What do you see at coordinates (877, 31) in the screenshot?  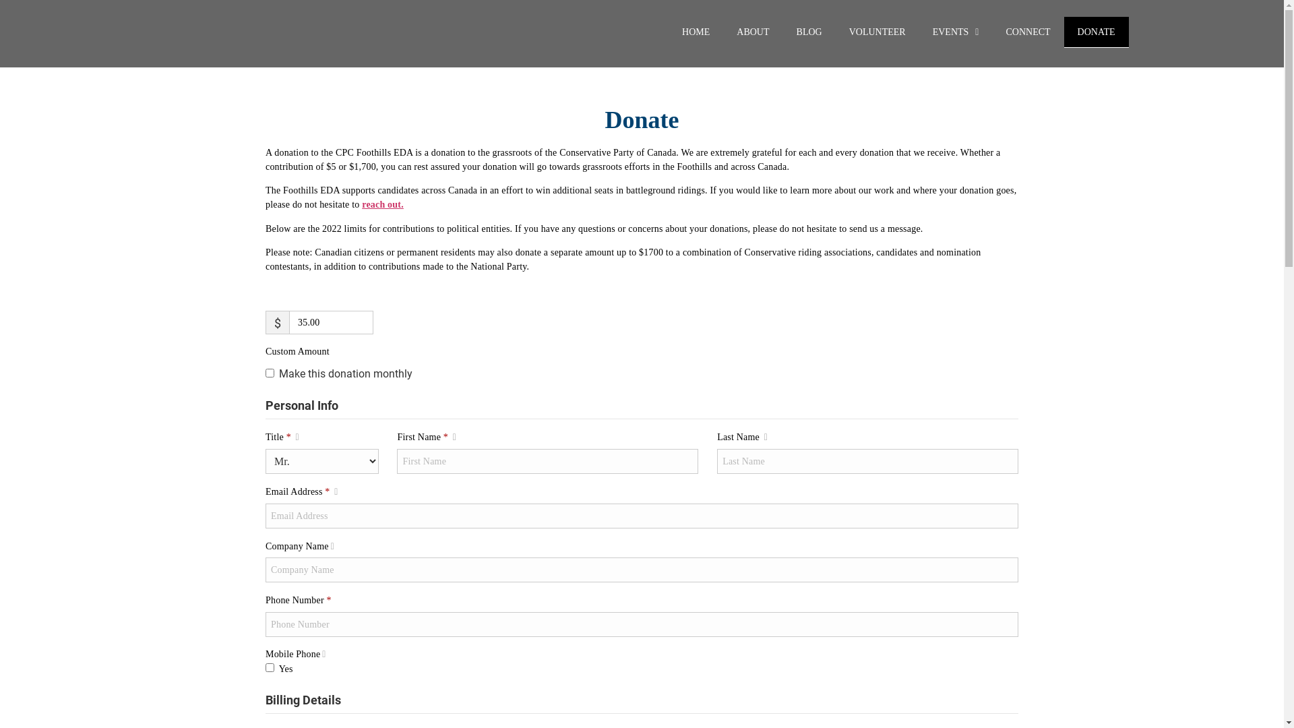 I see `'VOLUNTEER'` at bounding box center [877, 31].